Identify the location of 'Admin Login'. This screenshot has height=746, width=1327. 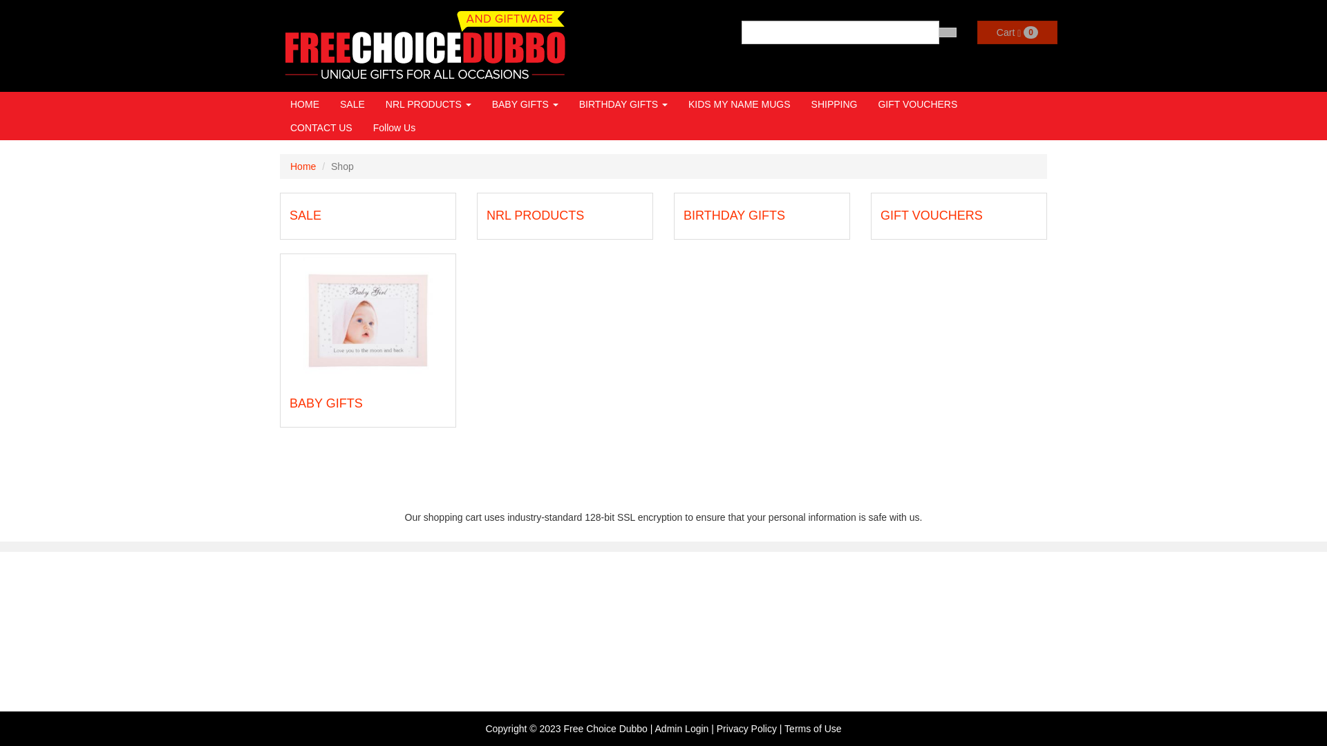
(655, 728).